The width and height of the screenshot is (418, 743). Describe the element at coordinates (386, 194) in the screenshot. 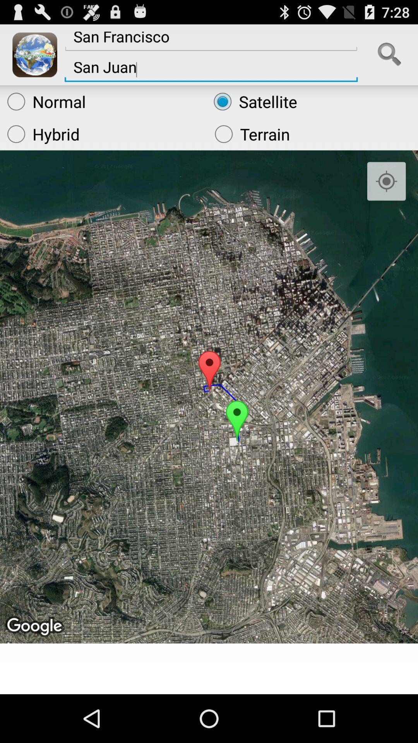

I see `the location_crosshair icon` at that location.